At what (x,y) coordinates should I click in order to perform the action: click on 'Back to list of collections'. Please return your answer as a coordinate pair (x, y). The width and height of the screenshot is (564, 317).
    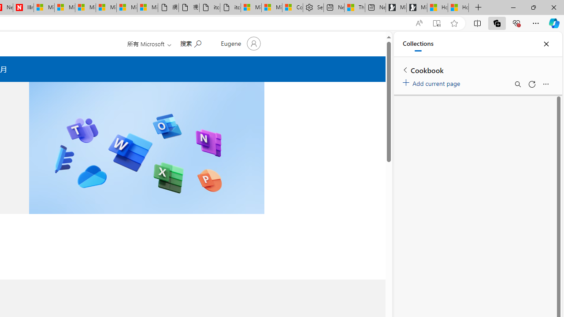
    Looking at the image, I should click on (405, 70).